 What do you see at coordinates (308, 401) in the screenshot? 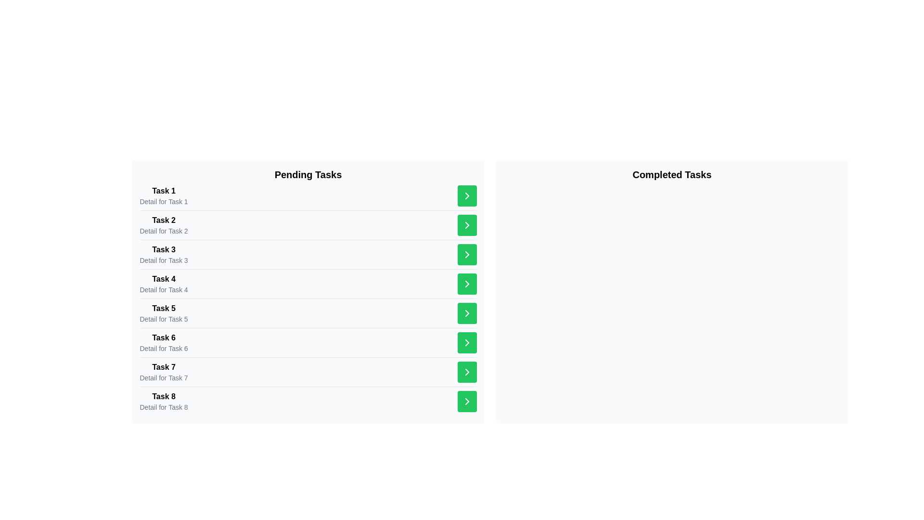
I see `the green button of the eighth task entry in the 'Pending Tasks' section` at bounding box center [308, 401].